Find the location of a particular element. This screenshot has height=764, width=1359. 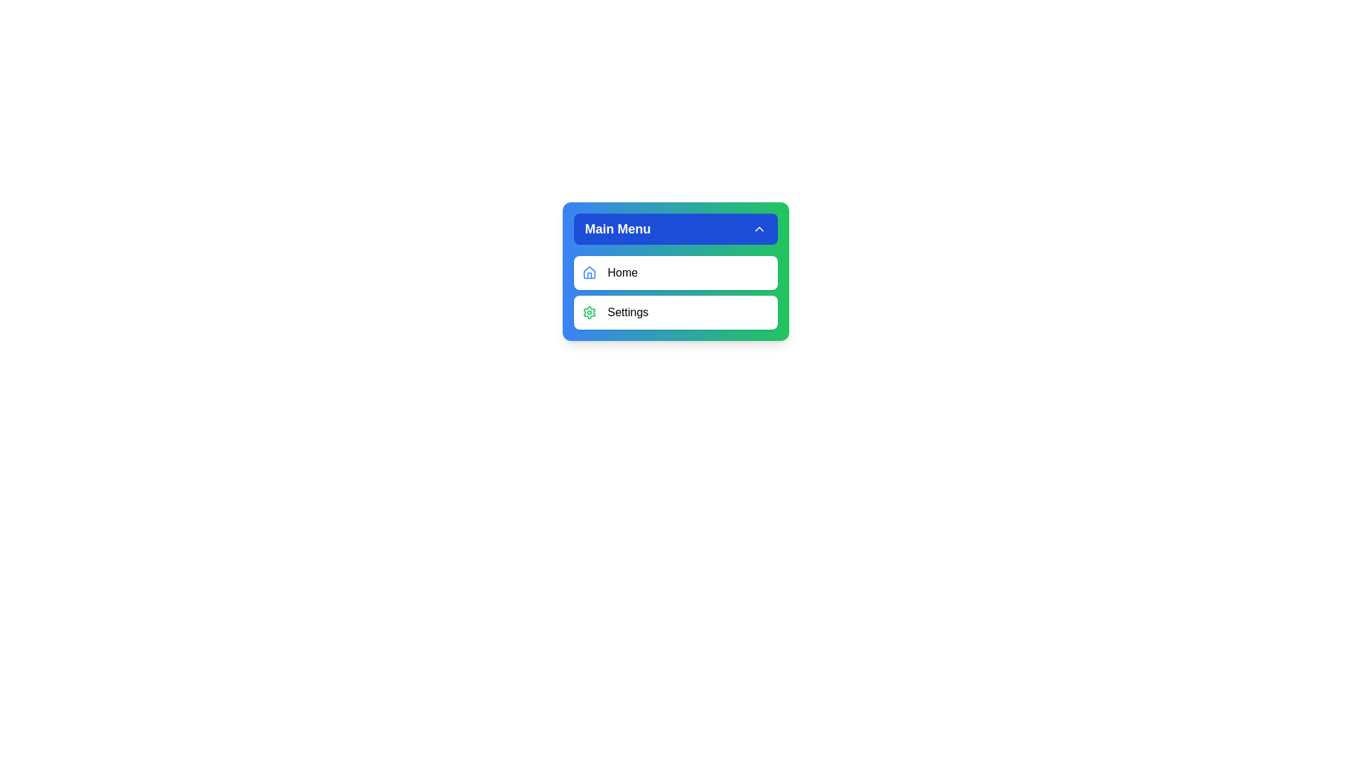

the green-colored settings icon, which resembles a gear and is positioned to the left of the 'Settings' text in the menu is located at coordinates (589, 312).